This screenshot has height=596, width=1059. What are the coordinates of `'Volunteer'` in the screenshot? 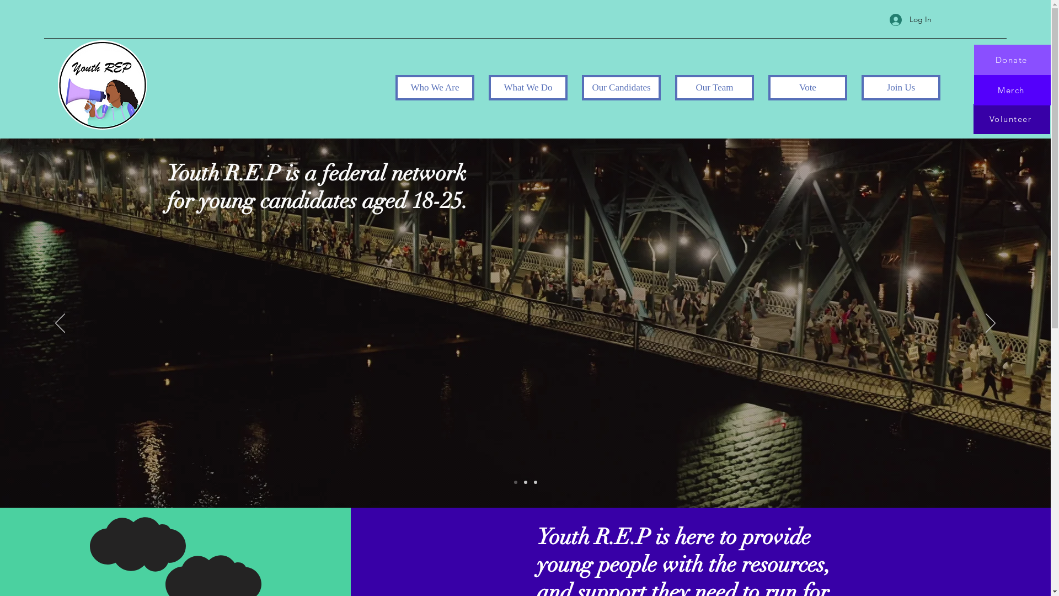 It's located at (972, 119).